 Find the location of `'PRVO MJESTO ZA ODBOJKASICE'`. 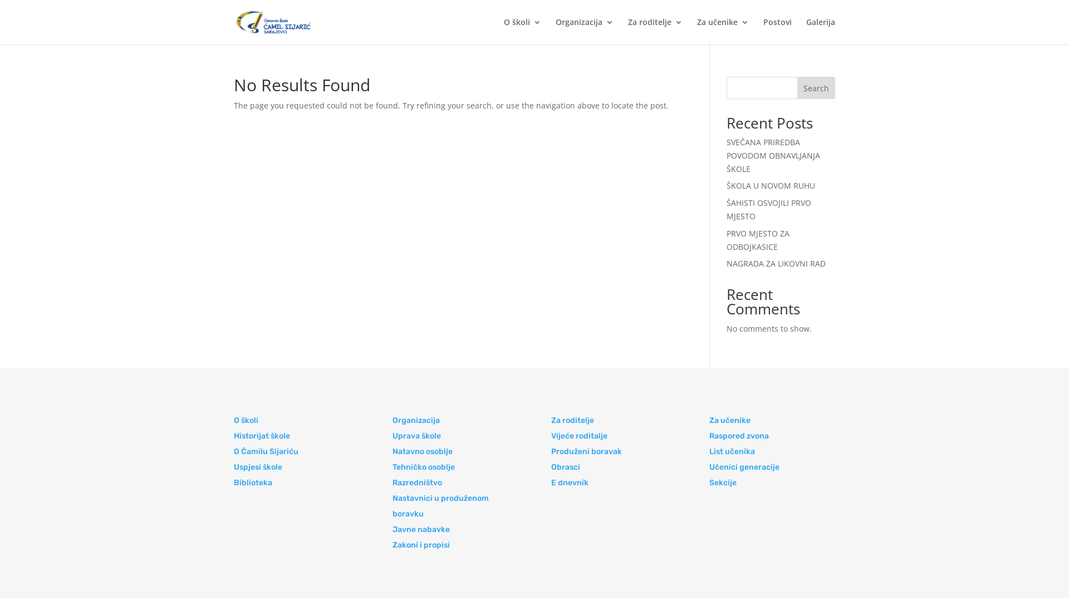

'PRVO MJESTO ZA ODBOJKASICE' is located at coordinates (757, 239).